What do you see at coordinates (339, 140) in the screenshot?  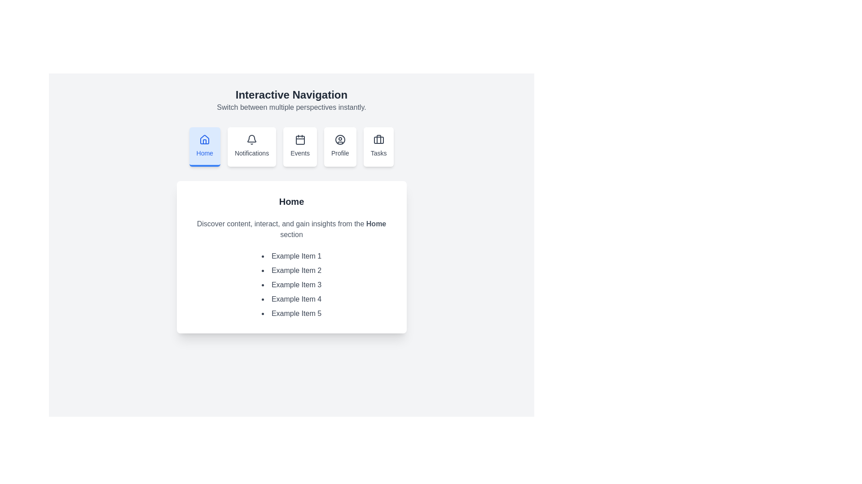 I see `the SVG graphical circle element that is part of a profile icon, located near the top center of the interface` at bounding box center [339, 140].